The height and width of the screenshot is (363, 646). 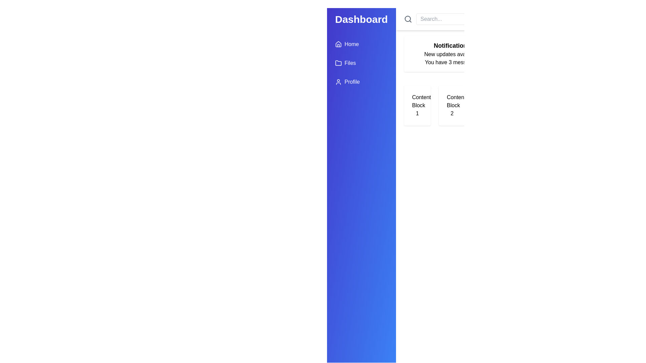 I want to click on the grid containing three content boxes, each styled as white, padded, rounded rectangles with centered text stating 'Content Block 1', 'Content Block 2', and 'Content Block 3', so click(x=452, y=105).